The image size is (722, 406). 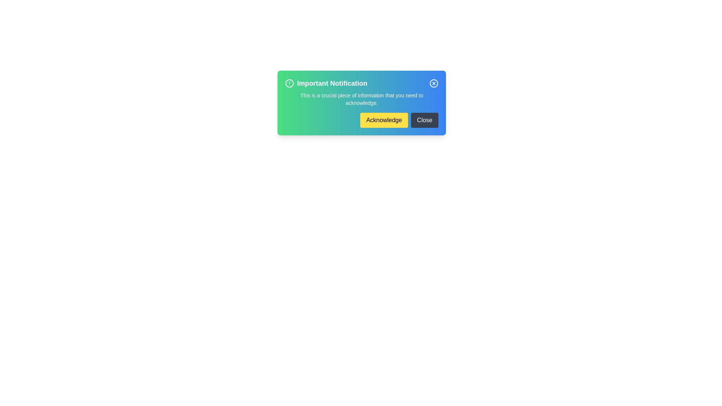 I want to click on the 'Acknowledge' button with a yellow background and bold black text to acknowledge the notification, so click(x=361, y=120).